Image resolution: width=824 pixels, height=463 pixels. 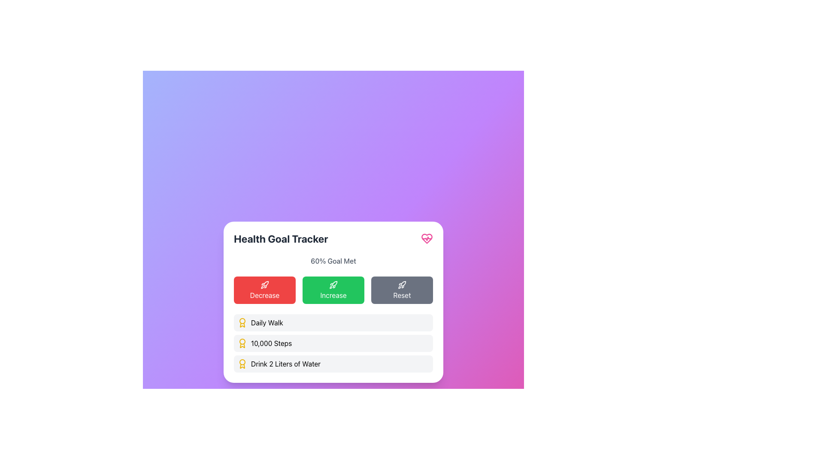 I want to click on the Labeled Indicator that indicates the completion of '10,000 Steps', which is positioned below 'Daily Walk' and above 'Drink 2 Liters of Water', so click(x=333, y=343).